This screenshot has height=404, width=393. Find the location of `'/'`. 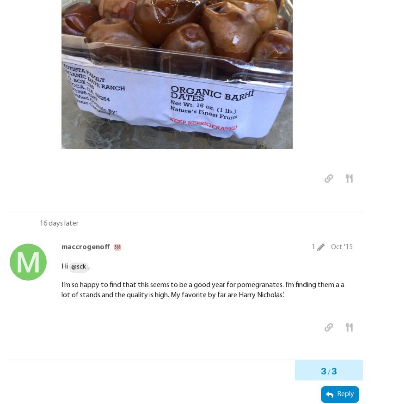

'/' is located at coordinates (327, 373).